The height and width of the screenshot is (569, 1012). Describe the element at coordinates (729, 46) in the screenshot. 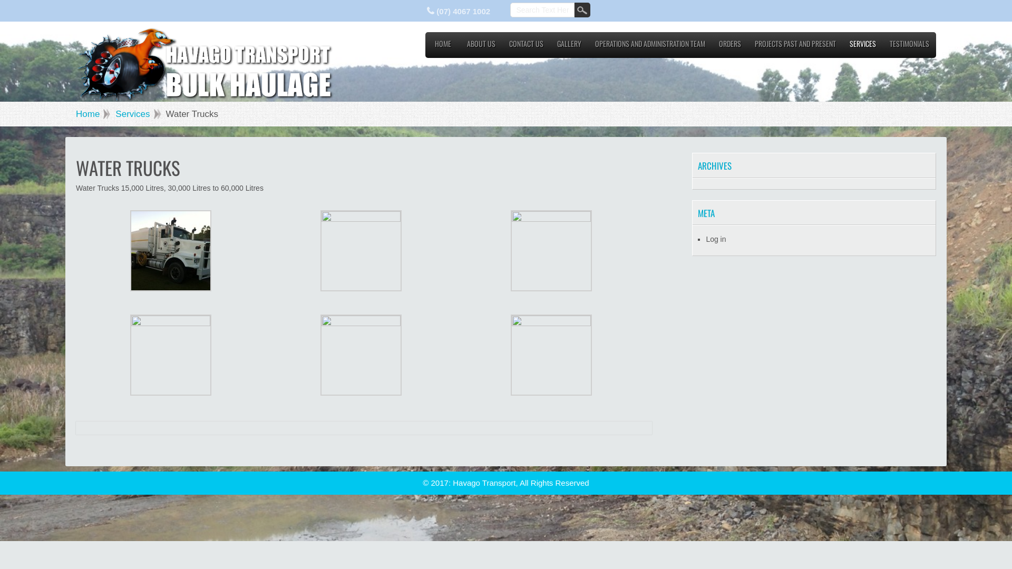

I see `'ORDERS'` at that location.